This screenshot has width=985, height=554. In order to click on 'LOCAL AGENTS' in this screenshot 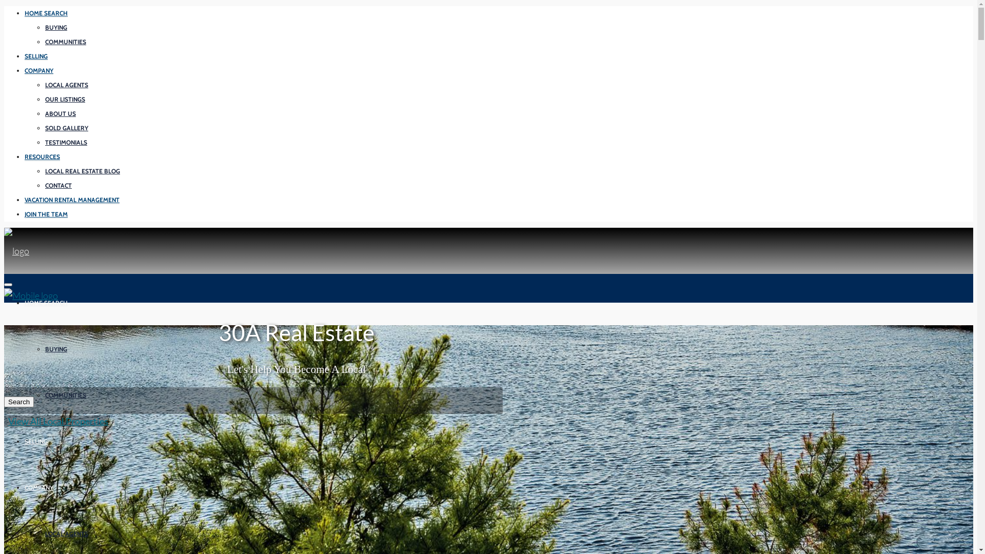, I will do `click(66, 533)`.